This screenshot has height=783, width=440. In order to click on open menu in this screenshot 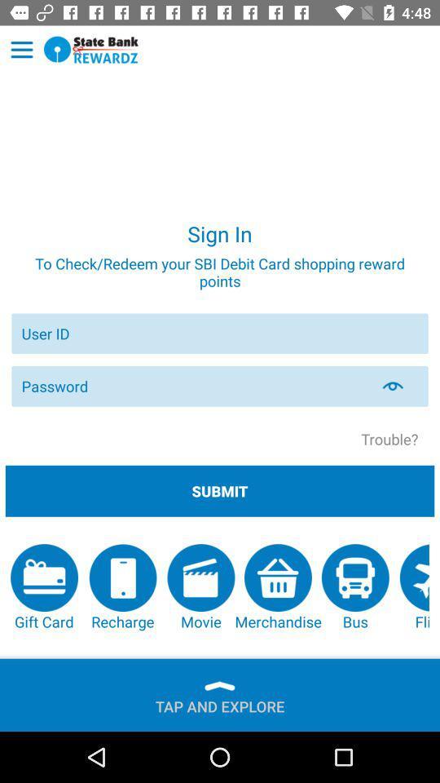, I will do `click(21, 50)`.